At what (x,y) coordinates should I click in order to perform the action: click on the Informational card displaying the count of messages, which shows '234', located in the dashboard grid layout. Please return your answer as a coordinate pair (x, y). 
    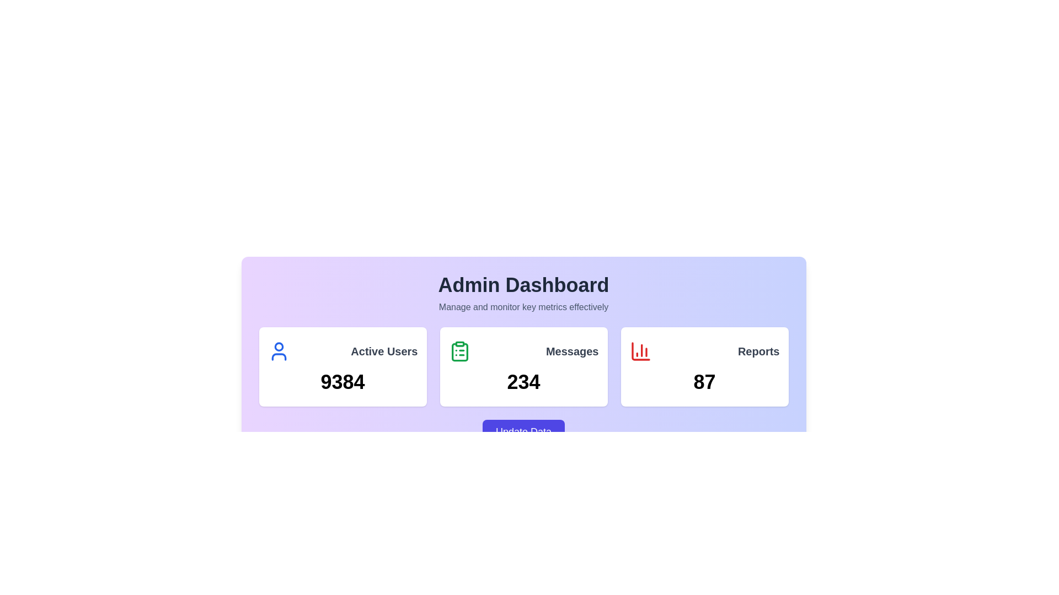
    Looking at the image, I should click on (523, 367).